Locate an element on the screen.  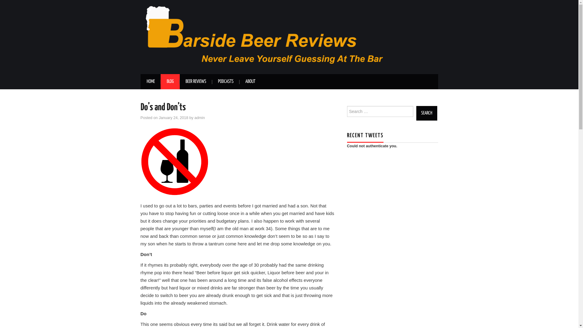
'January 24, 2018' is located at coordinates (173, 118).